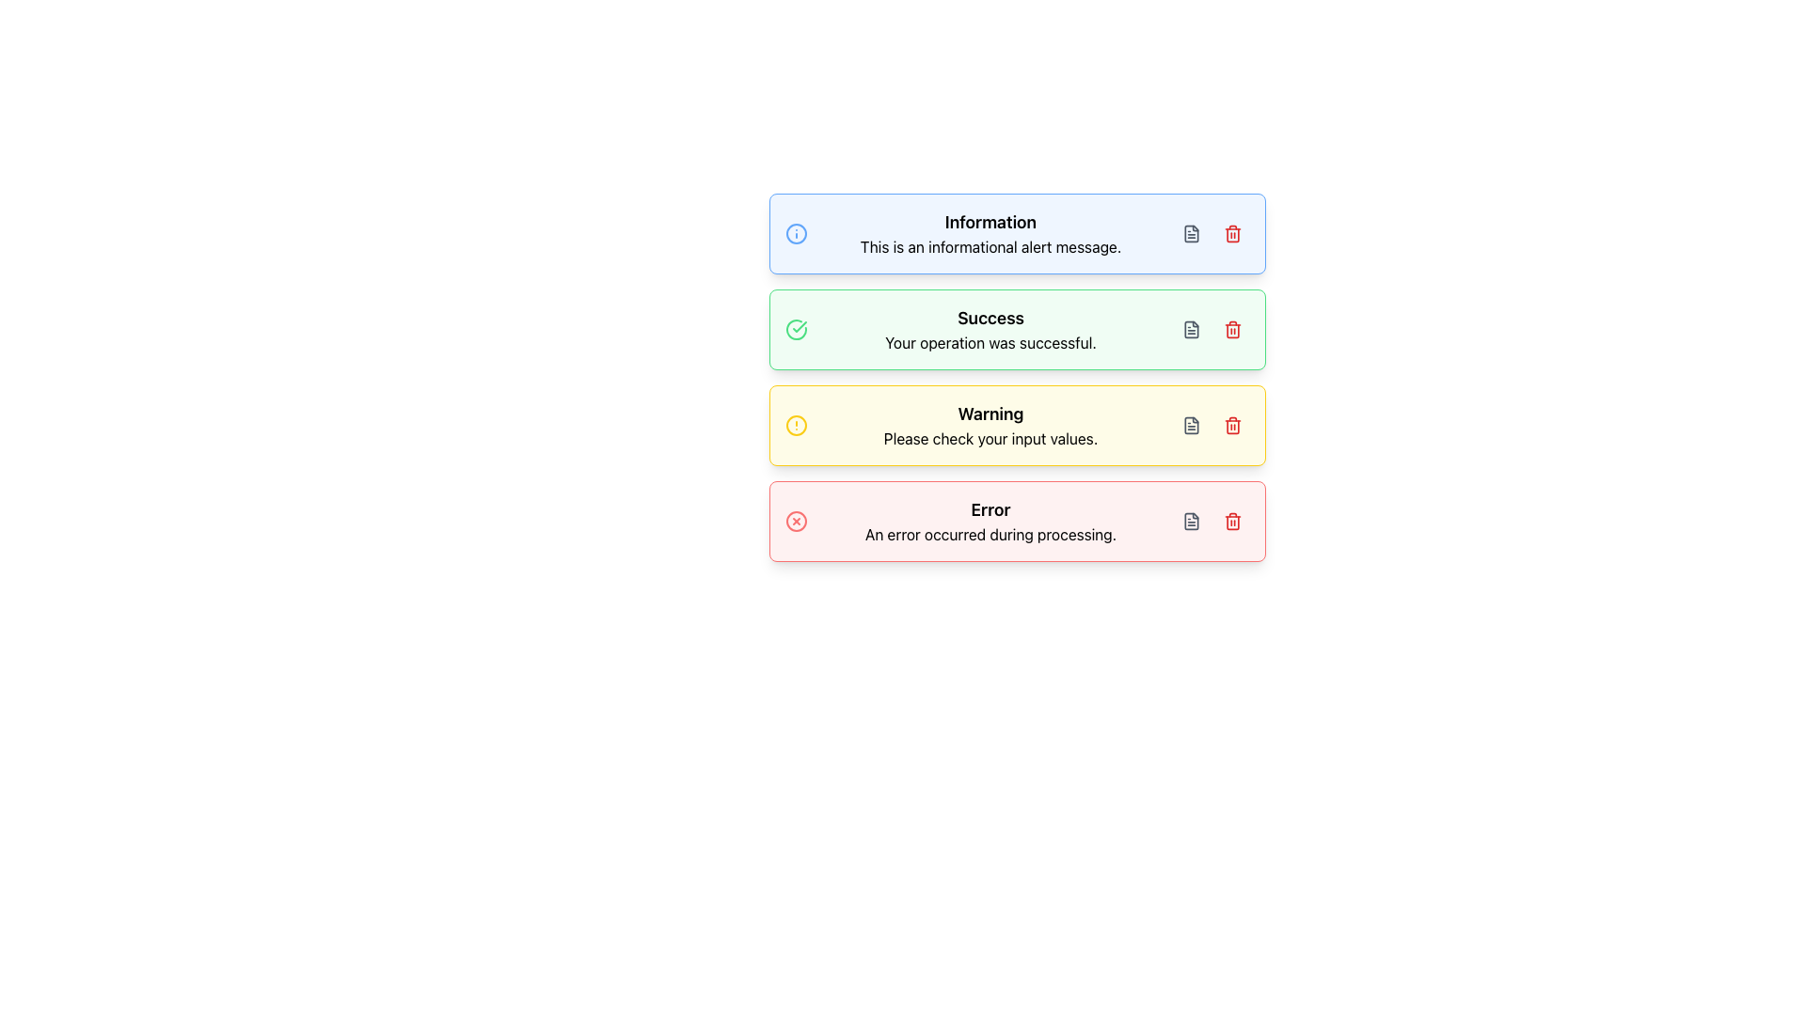 The height and width of the screenshot is (1015, 1806). I want to click on the trash bin icon located at the right end of the error alert card, so click(1232, 522).